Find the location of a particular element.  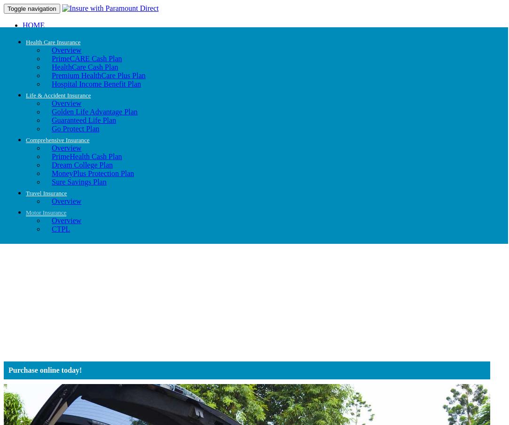

'HealthCare Cash Plan' is located at coordinates (84, 66).